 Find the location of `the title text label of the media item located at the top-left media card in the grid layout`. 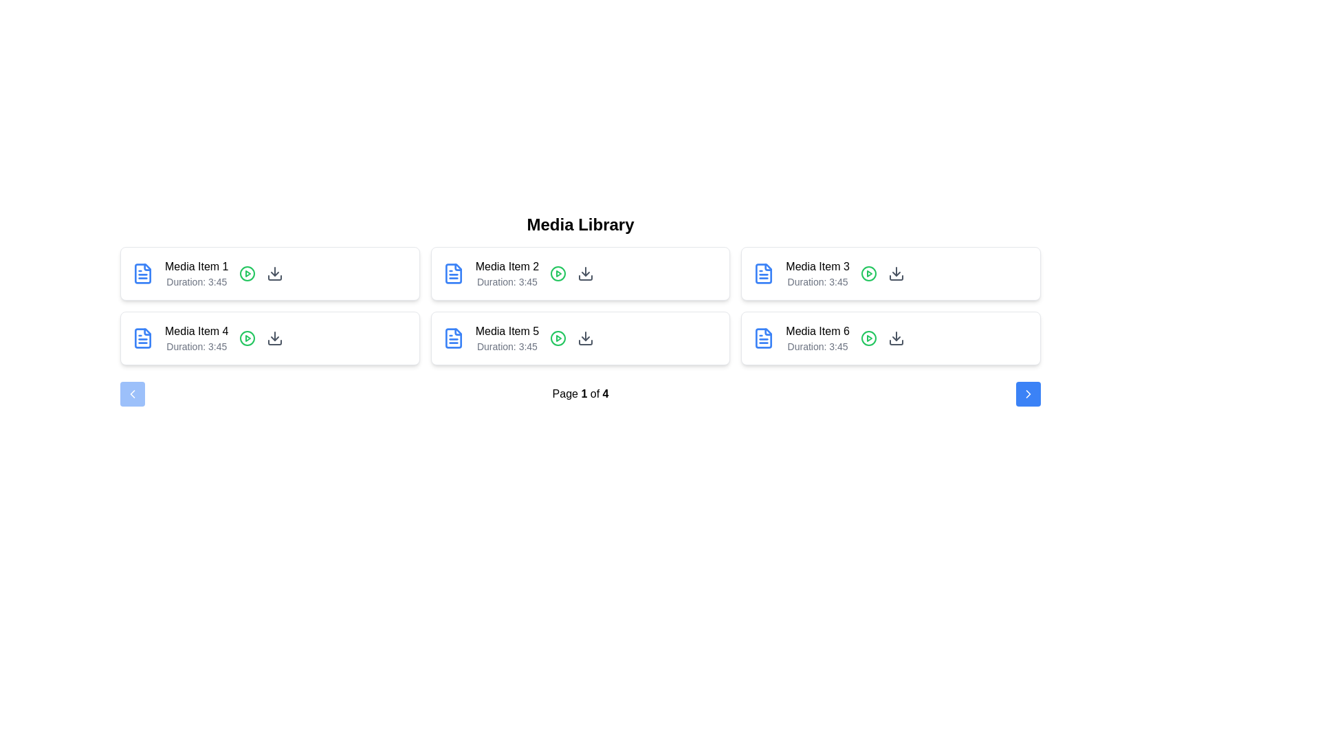

the title text label of the media item located at the top-left media card in the grid layout is located at coordinates (196, 267).